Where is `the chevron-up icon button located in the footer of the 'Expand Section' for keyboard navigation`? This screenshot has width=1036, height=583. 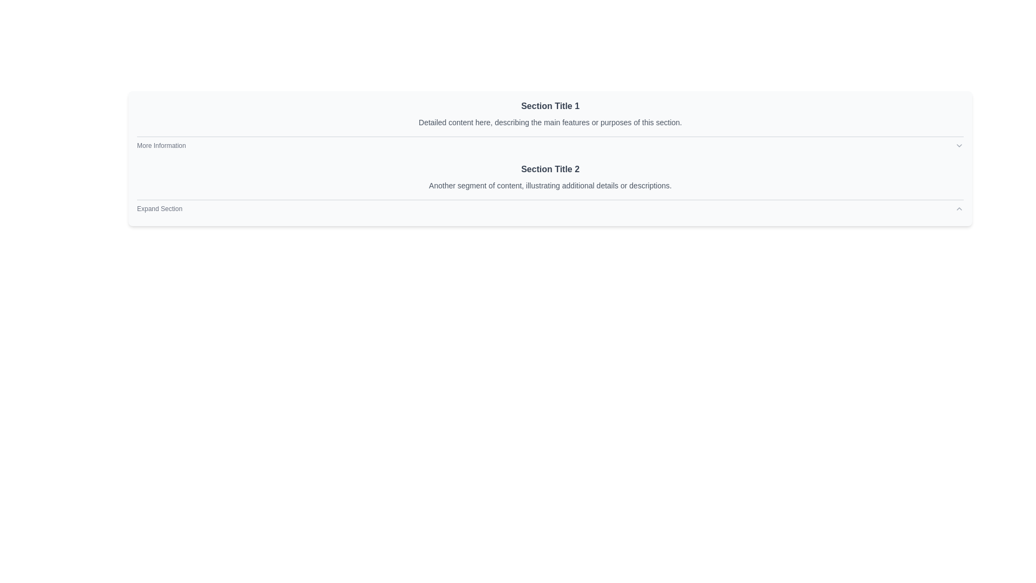
the chevron-up icon button located in the footer of the 'Expand Section' for keyboard navigation is located at coordinates (959, 208).